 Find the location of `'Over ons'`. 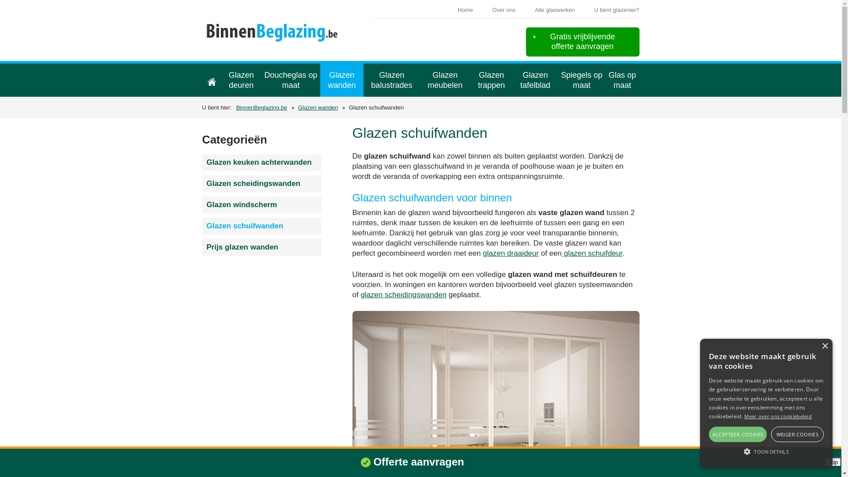

'Over ons' is located at coordinates (504, 10).